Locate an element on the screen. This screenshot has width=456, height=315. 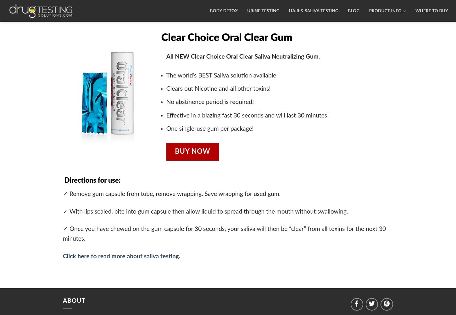
'Effective in a blazing fast 30 seconds and will last 30 minutes!' is located at coordinates (247, 115).